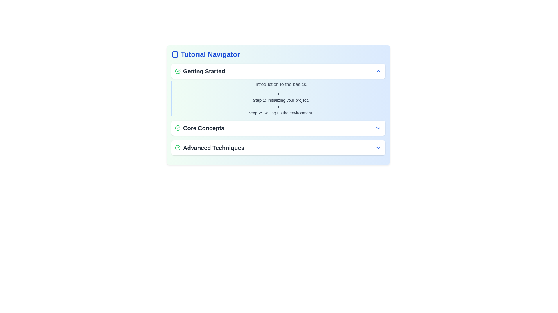 The image size is (558, 313). What do you see at coordinates (281, 85) in the screenshot?
I see `the static introductory text indicating the topic of the tutorial steps, which is located under the heading 'Getting Started' in the tutorial step navigator` at bounding box center [281, 85].